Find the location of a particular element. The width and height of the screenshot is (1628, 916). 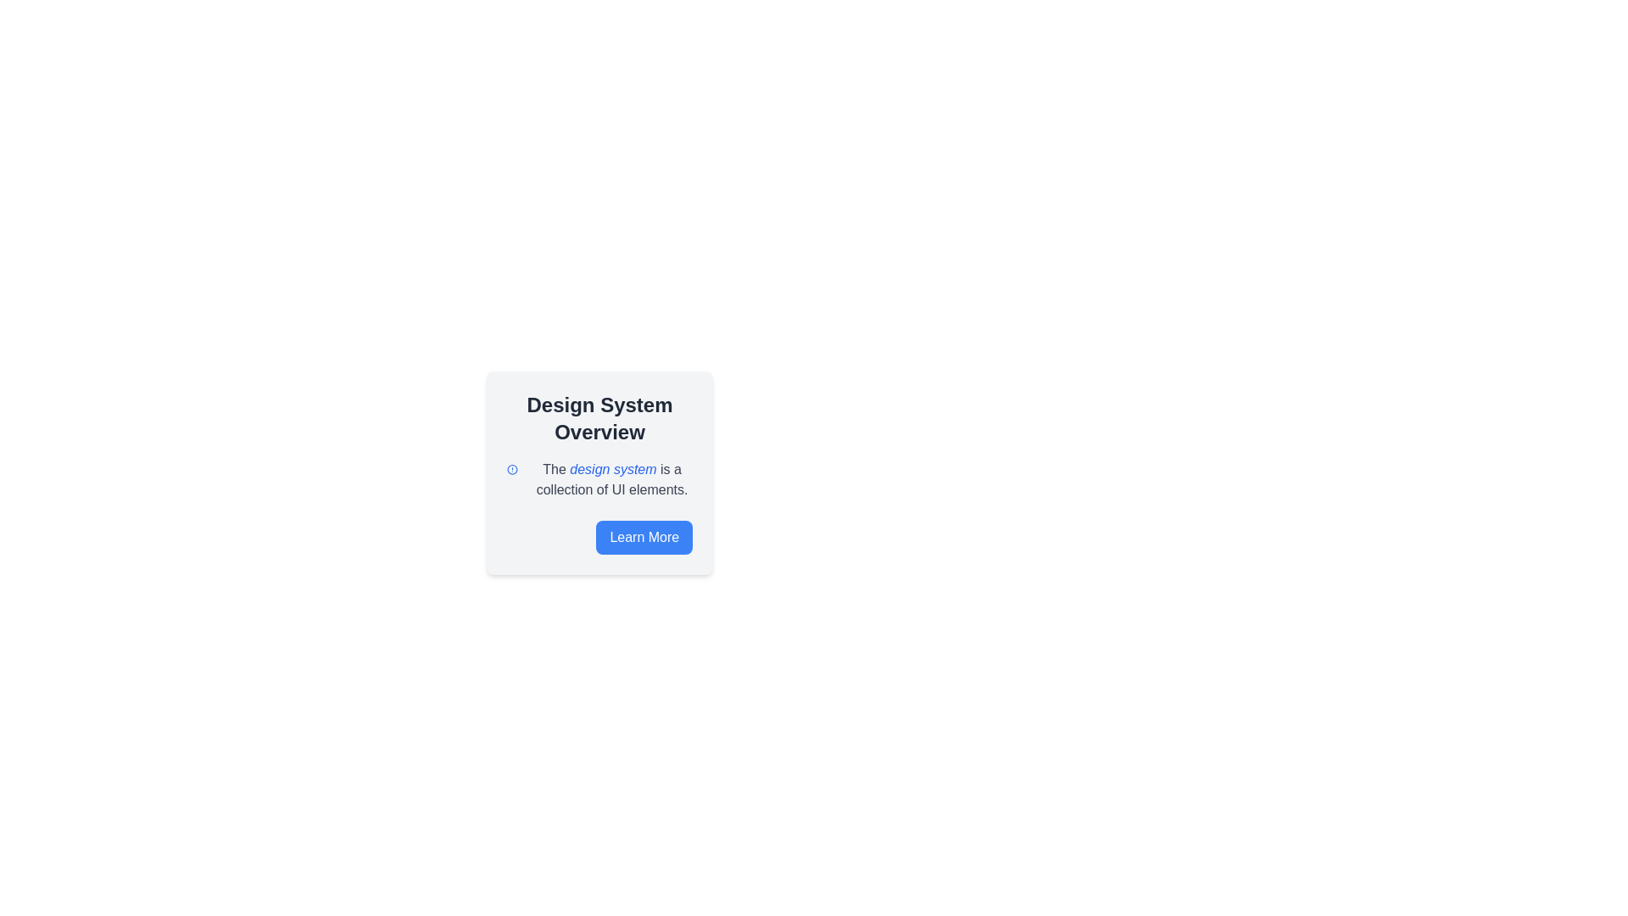

the blue-colored text phrase 'design system' that is positioned in the middle of the sentence below the heading 'Design System Overview' is located at coordinates (612, 469).